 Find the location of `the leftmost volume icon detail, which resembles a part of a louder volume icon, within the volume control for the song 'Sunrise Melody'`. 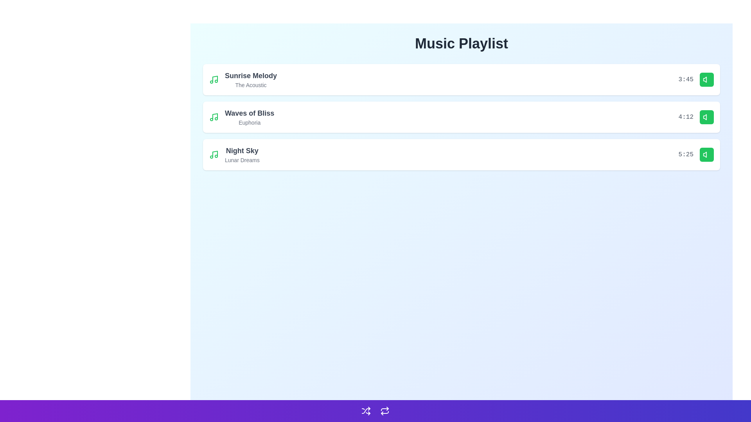

the leftmost volume icon detail, which resembles a part of a louder volume icon, within the volume control for the song 'Sunrise Melody' is located at coordinates (705, 80).